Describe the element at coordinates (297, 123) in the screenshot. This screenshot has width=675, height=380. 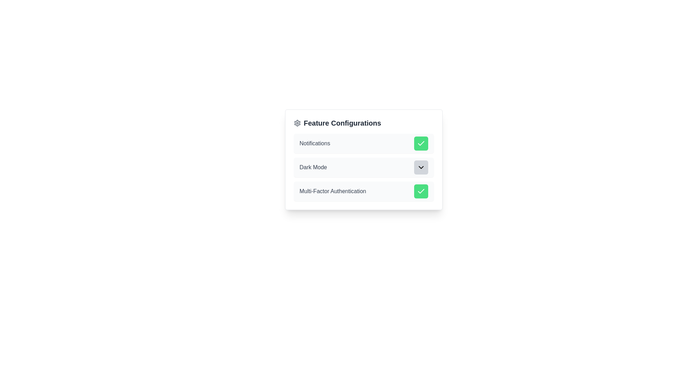
I see `the configurability icon located immediately` at that location.